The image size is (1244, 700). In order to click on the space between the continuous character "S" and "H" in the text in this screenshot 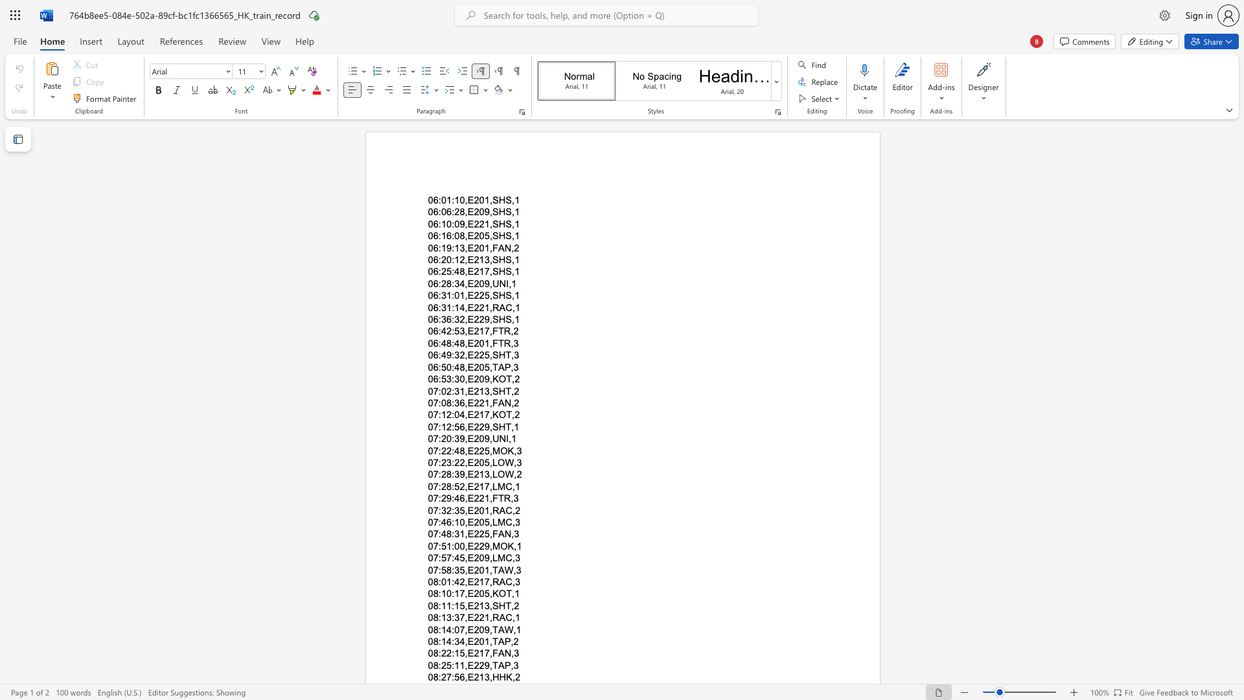, I will do `click(498, 260)`.